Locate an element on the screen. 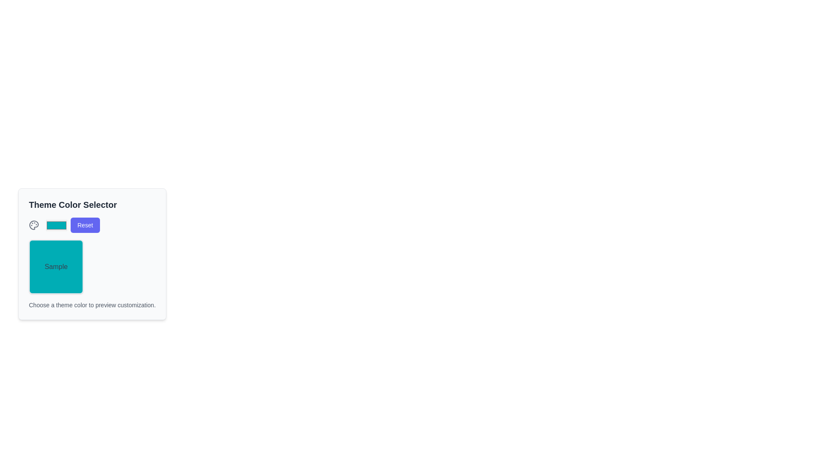 The image size is (817, 459). the Color Picker Input element located within the 'Theme Color Selector' group is located at coordinates (56, 224).